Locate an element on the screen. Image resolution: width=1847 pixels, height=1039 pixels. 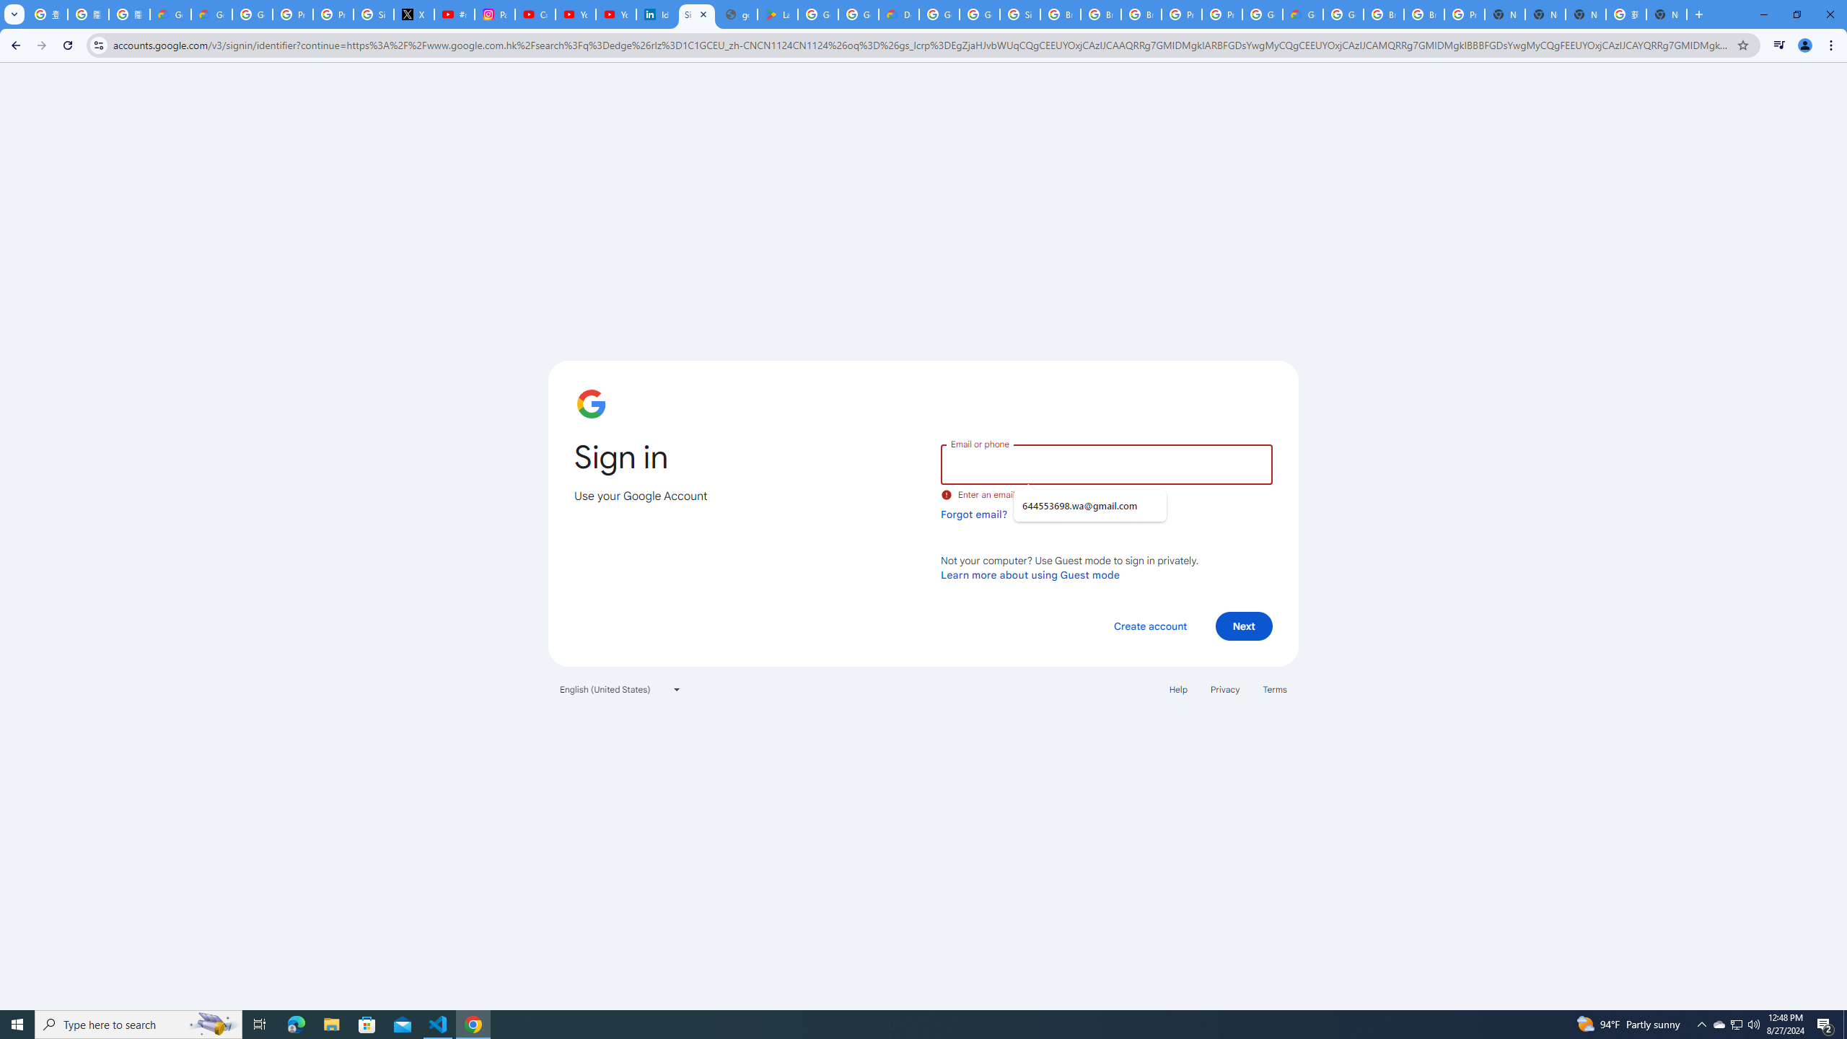
'Google Cloud Privacy Notice' is located at coordinates (170, 14).